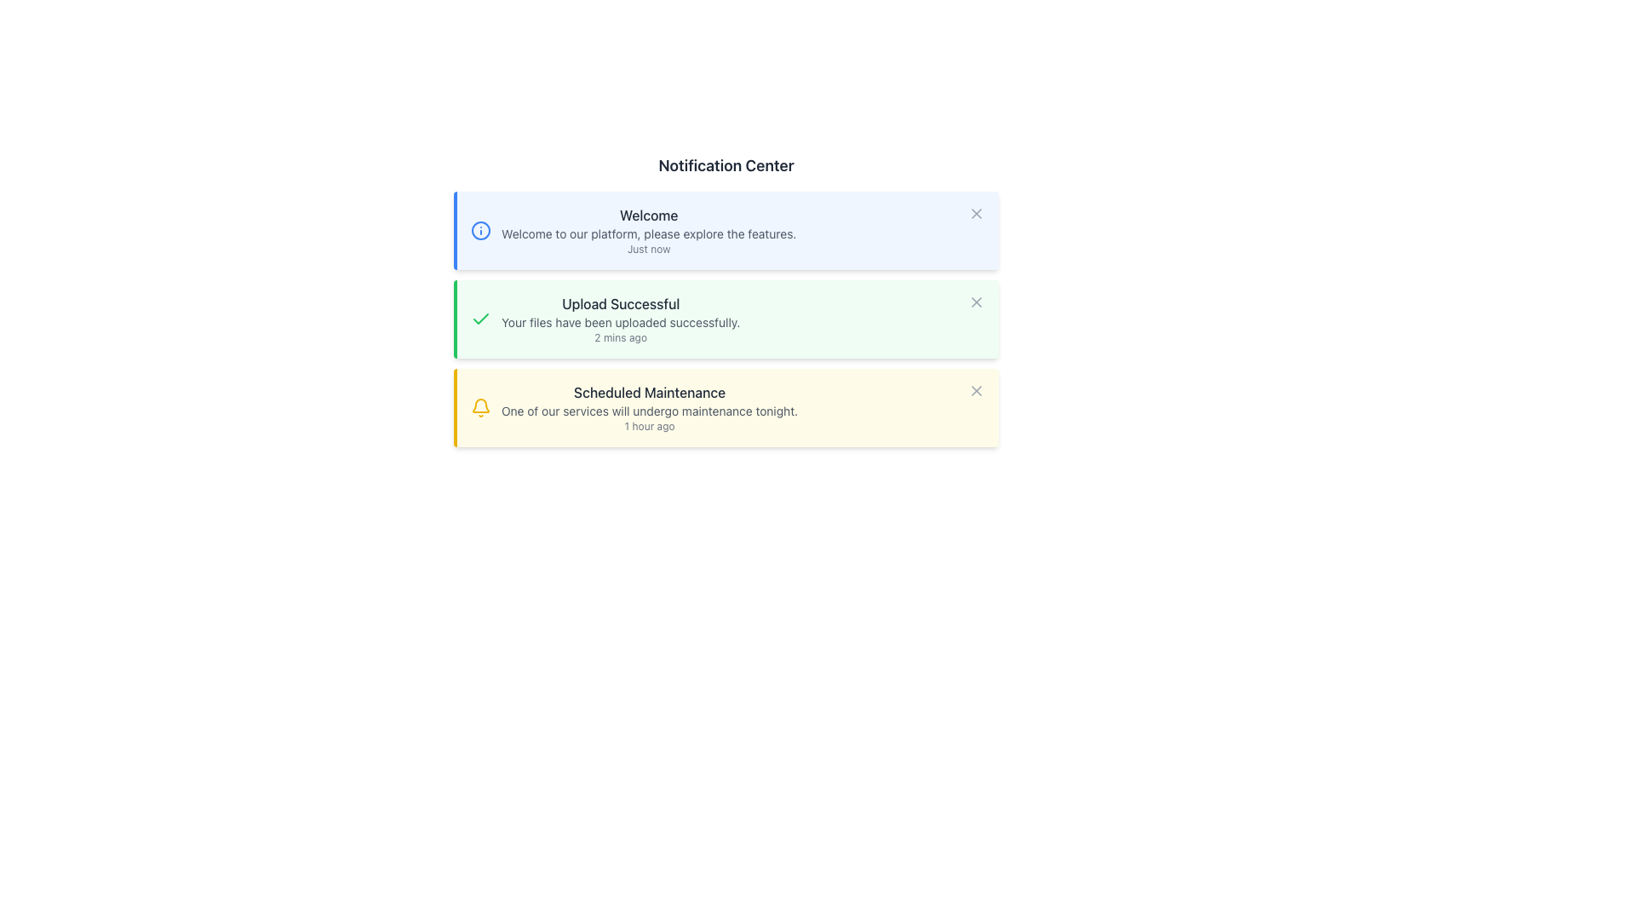  I want to click on the green checkmark icon that indicates success, located at the top-left corner of the 'Upload Successful' notification card, so click(480, 319).